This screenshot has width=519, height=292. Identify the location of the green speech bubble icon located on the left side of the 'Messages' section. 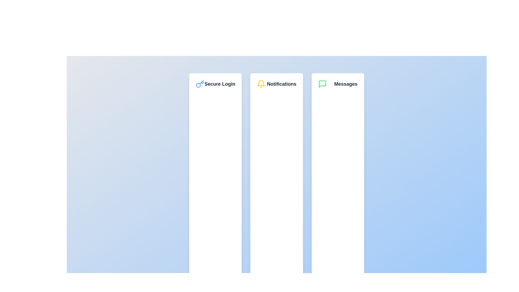
(322, 84).